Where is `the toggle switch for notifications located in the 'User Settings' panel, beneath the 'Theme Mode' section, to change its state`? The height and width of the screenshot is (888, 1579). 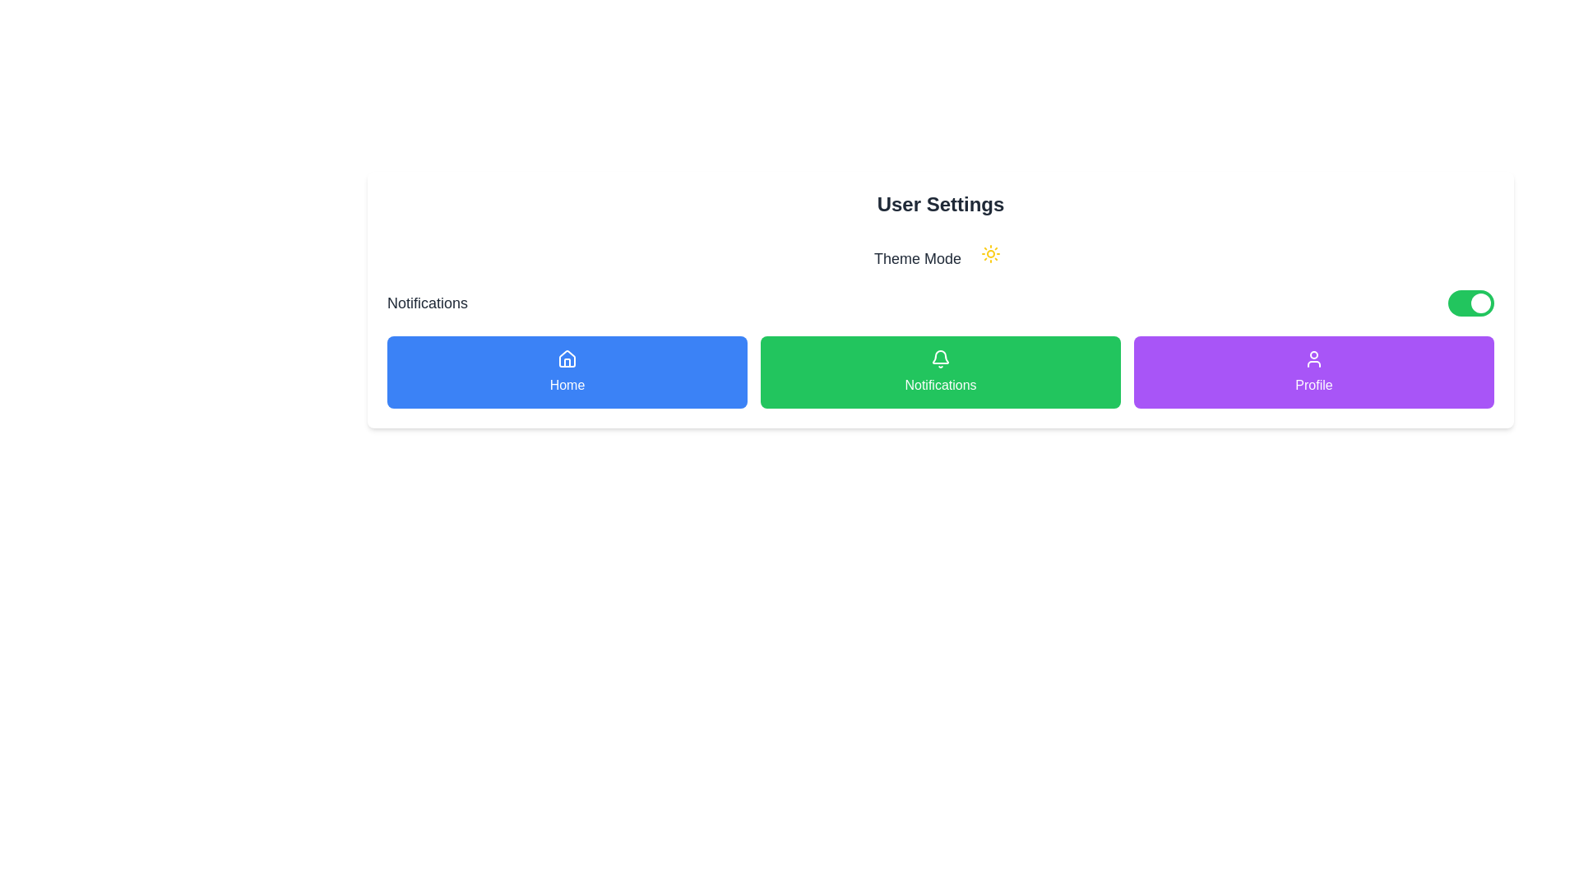
the toggle switch for notifications located in the 'User Settings' panel, beneath the 'Theme Mode' section, to change its state is located at coordinates (940, 303).